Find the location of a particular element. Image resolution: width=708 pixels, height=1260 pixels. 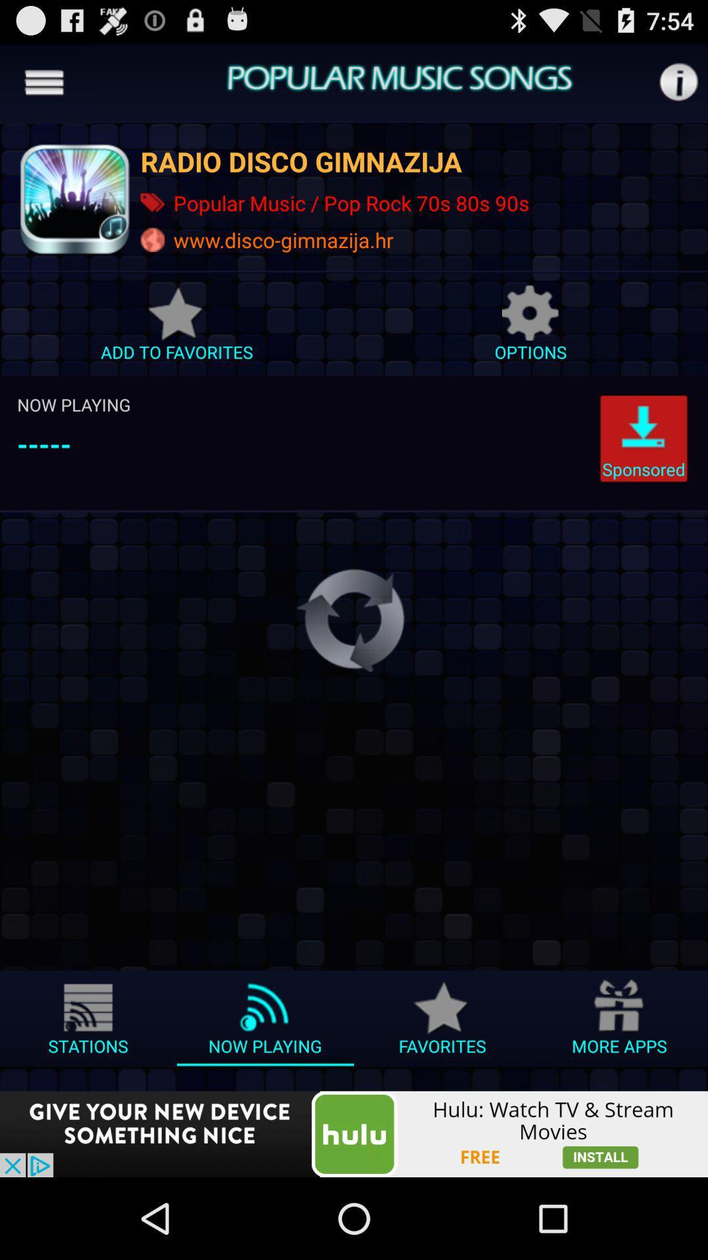

info is located at coordinates (678, 81).